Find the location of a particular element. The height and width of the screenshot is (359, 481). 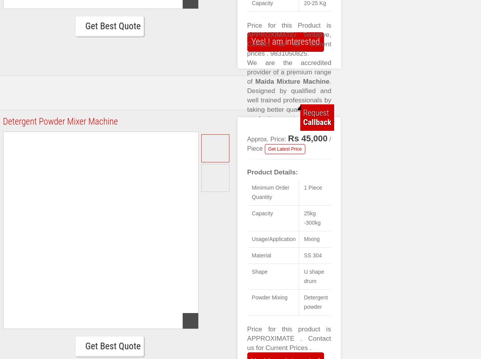

'Powder Mixing' is located at coordinates (269, 297).